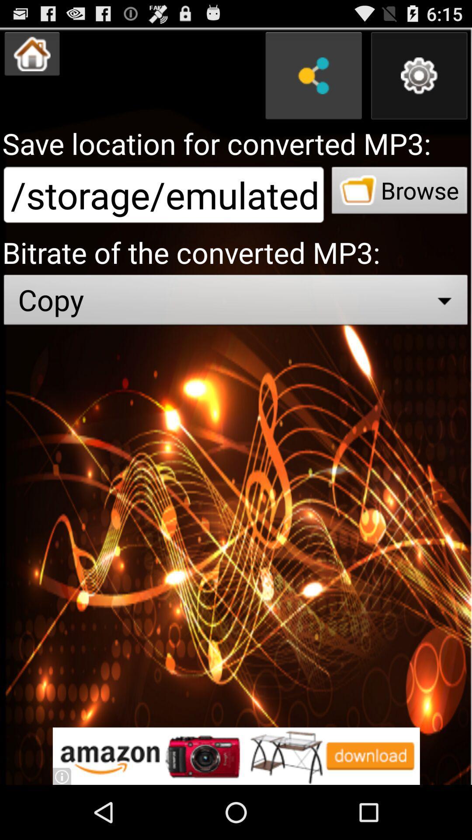  I want to click on for home, so click(31, 53).